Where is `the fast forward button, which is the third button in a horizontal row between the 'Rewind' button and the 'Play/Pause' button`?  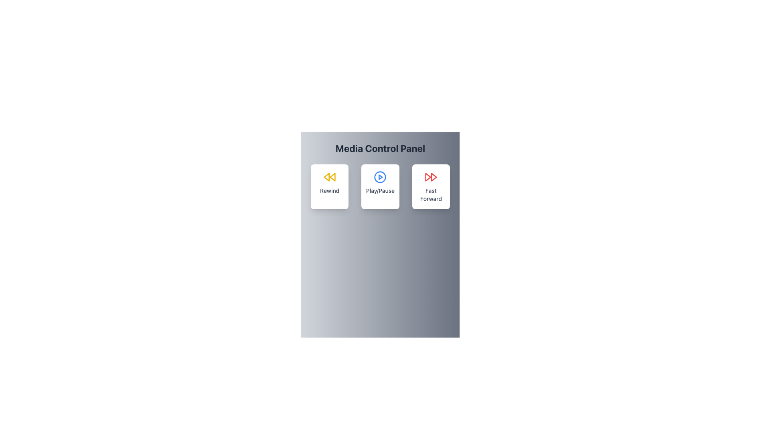
the fast forward button, which is the third button in a horizontal row between the 'Rewind' button and the 'Play/Pause' button is located at coordinates (430, 187).